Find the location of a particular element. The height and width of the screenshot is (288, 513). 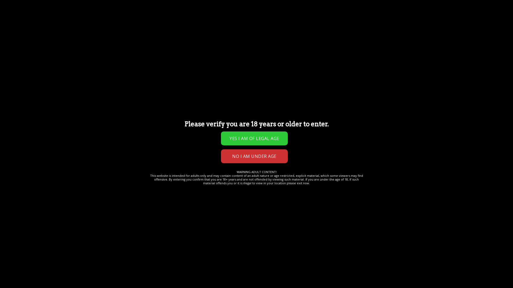

'Share on Twitter' is located at coordinates (199, 143).